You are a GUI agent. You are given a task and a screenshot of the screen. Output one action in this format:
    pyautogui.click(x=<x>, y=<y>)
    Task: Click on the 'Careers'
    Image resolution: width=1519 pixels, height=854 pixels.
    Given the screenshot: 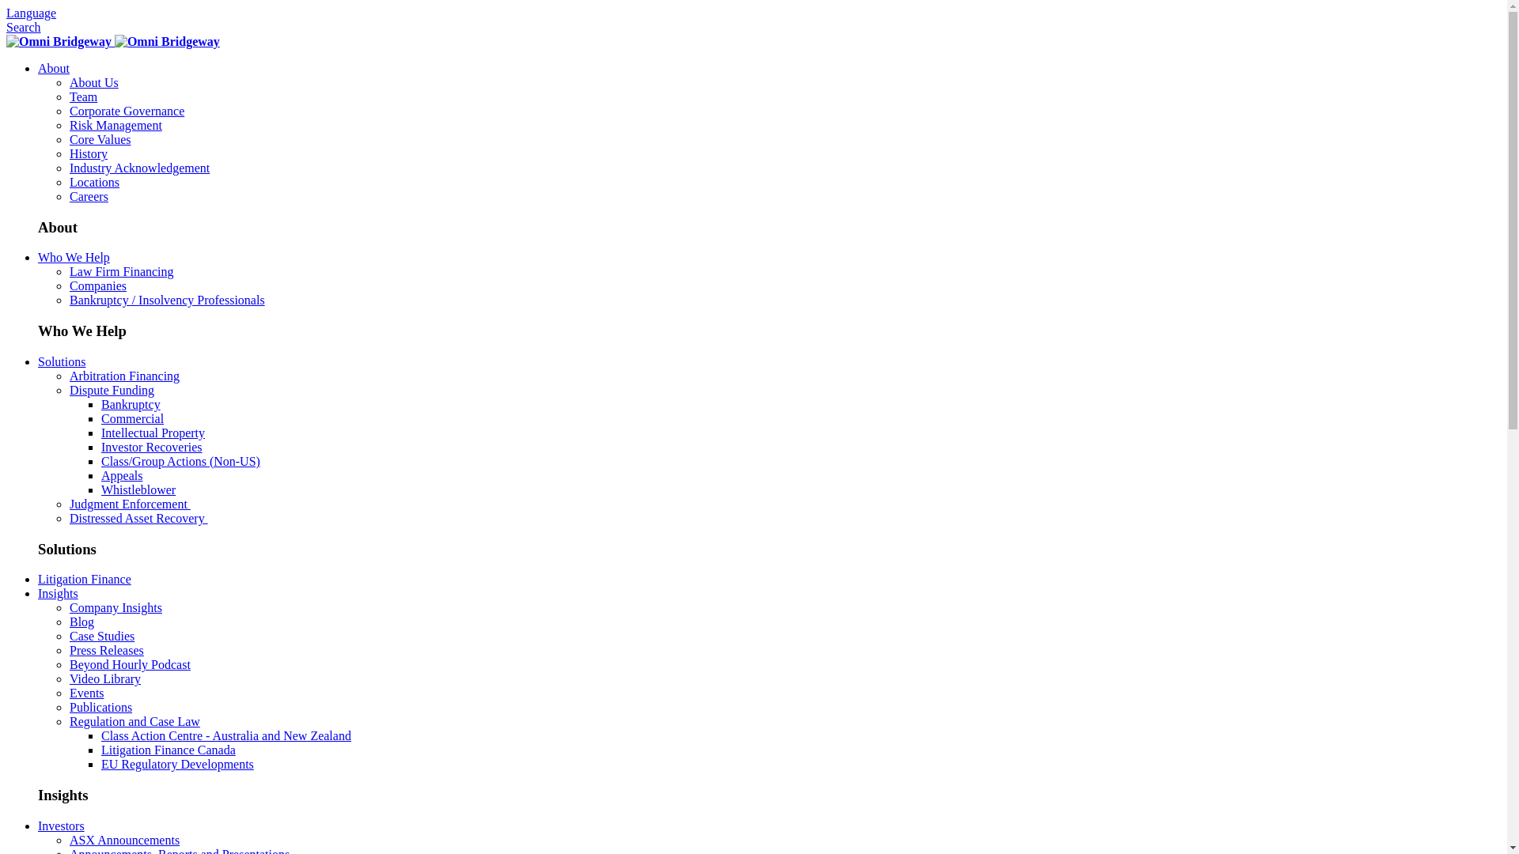 What is the action you would take?
    pyautogui.click(x=68, y=195)
    